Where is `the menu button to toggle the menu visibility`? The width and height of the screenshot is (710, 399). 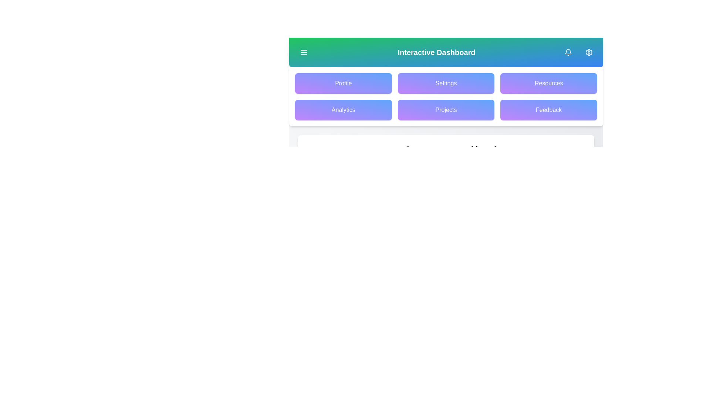 the menu button to toggle the menu visibility is located at coordinates (304, 52).